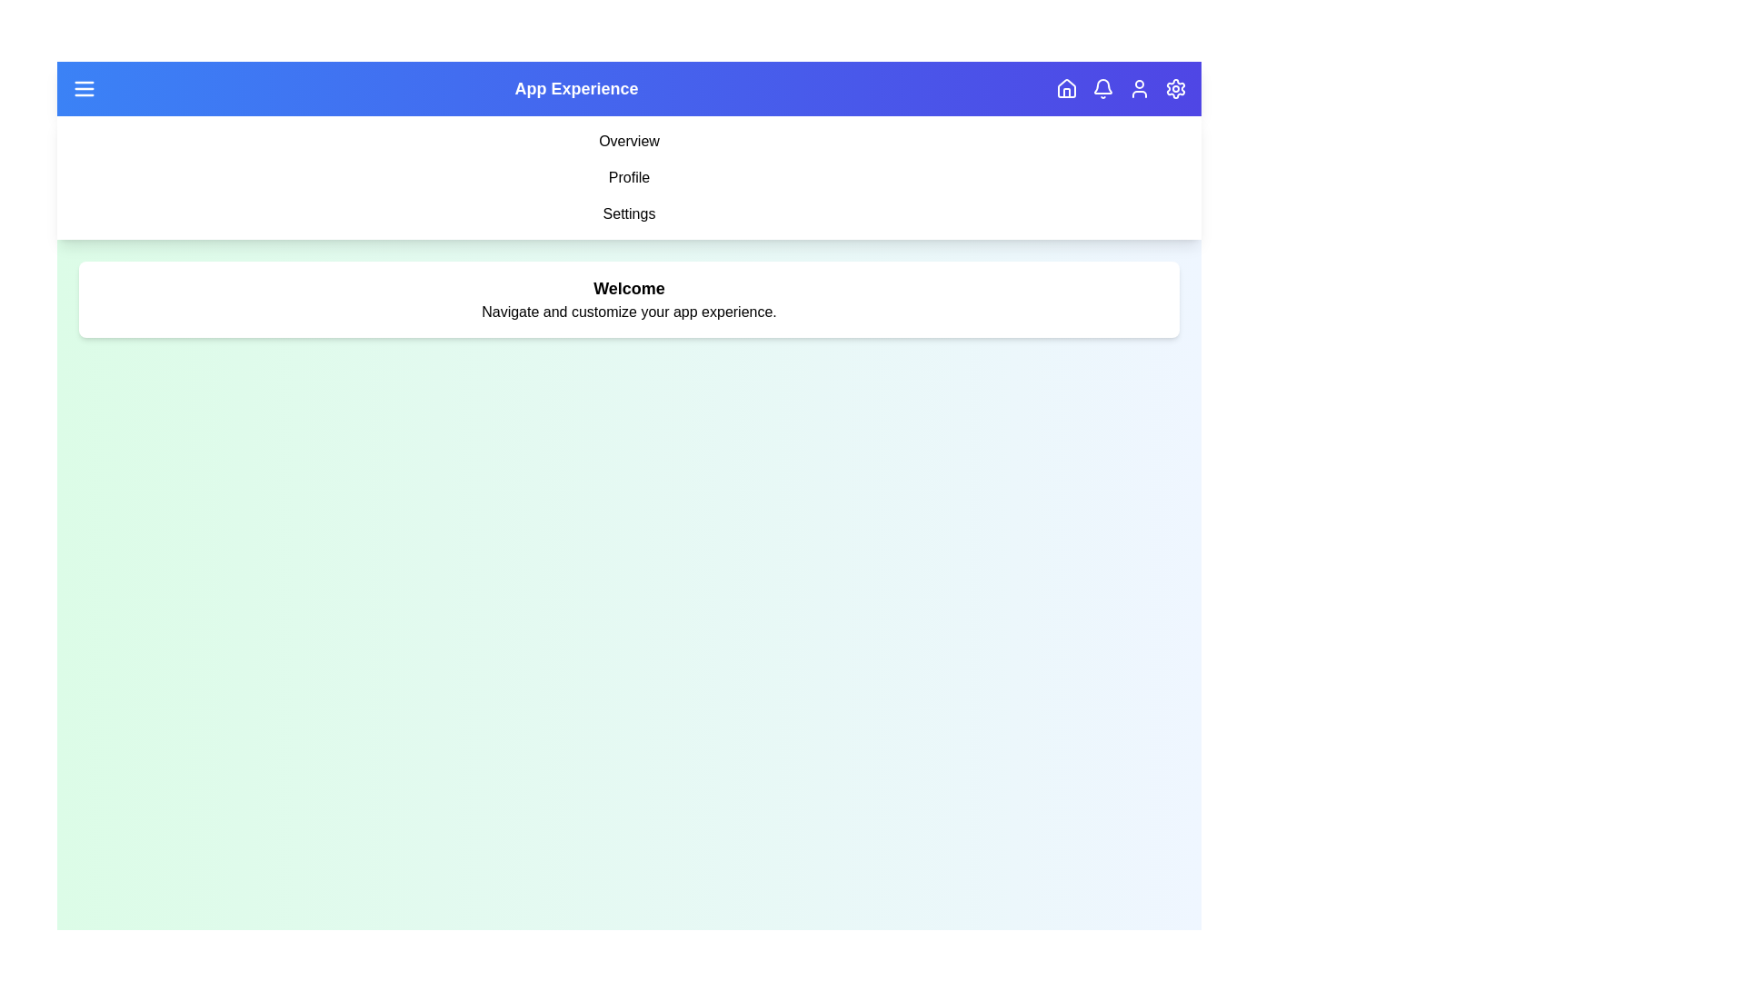 The width and height of the screenshot is (1745, 981). What do you see at coordinates (83, 88) in the screenshot?
I see `the menu icon to toggle the drawer visibility` at bounding box center [83, 88].